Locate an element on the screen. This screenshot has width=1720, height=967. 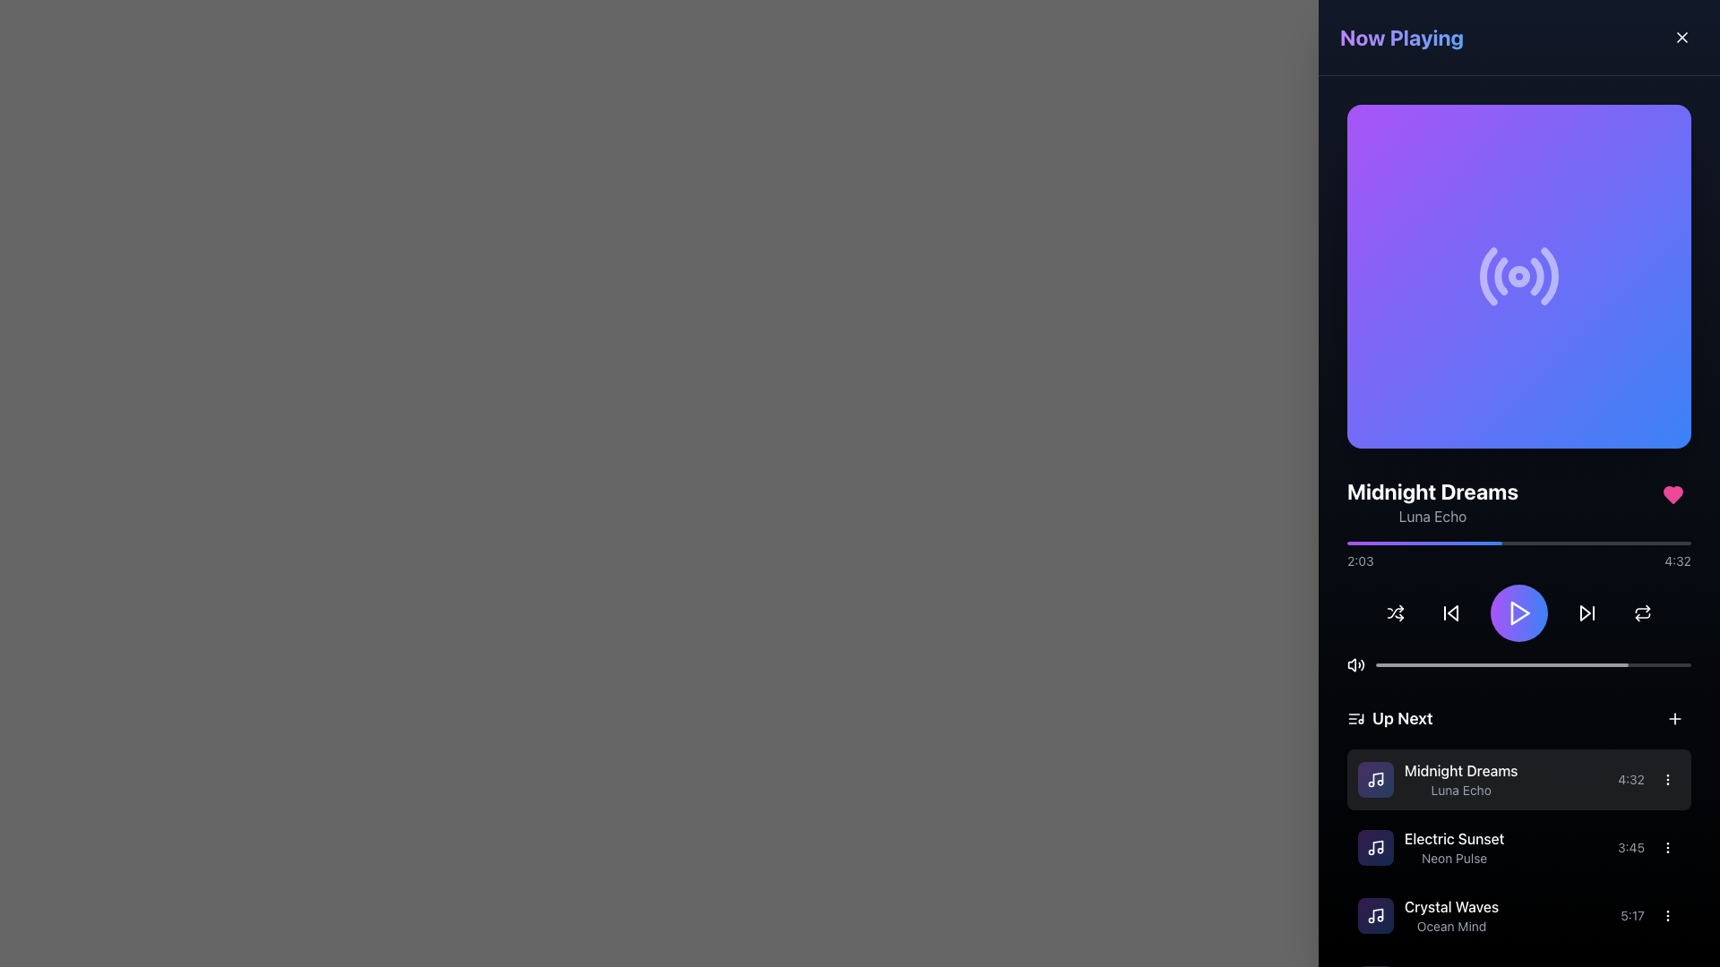
the Text label displaying the artist name or additional information associated with the song 'Midnight Dreams' located below the title in the playlist is located at coordinates (1461, 790).